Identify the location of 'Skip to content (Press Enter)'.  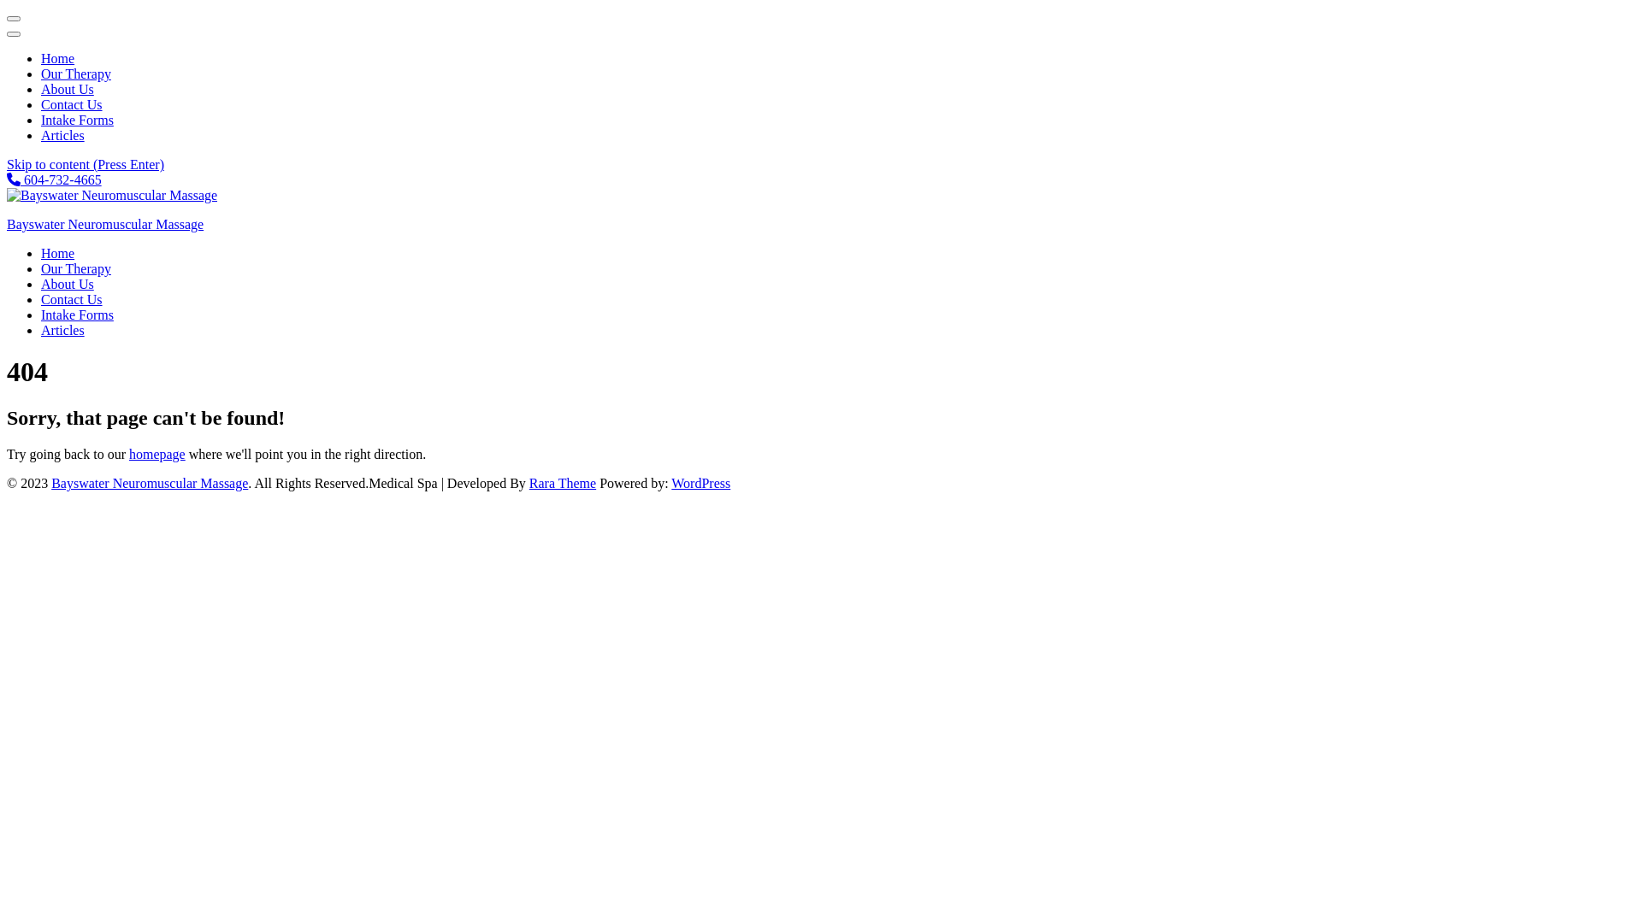
(85, 164).